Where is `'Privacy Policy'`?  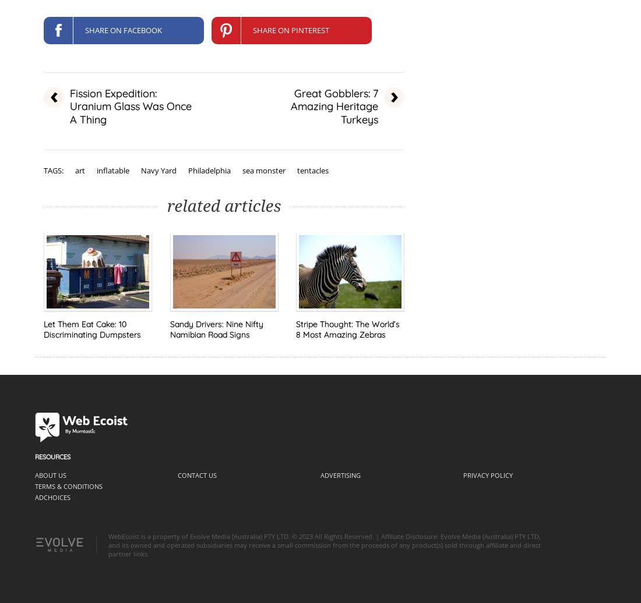 'Privacy Policy' is located at coordinates (487, 475).